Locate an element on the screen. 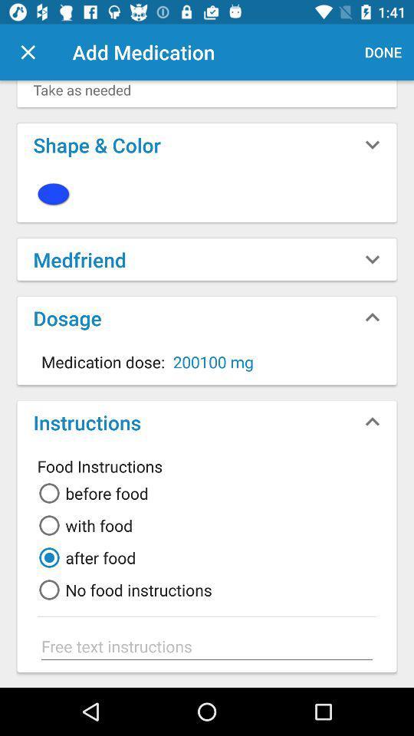 The width and height of the screenshot is (414, 736). the done is located at coordinates (383, 52).